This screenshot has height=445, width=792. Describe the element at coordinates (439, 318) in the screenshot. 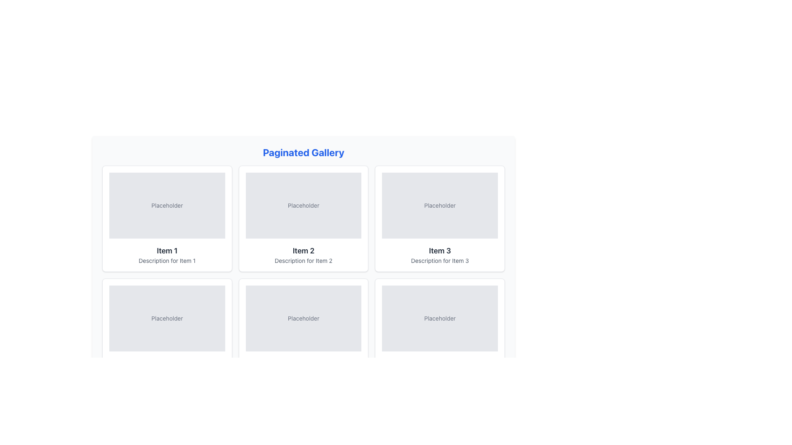

I see `the placeholder text located in the bottom-right card of the second row` at that location.